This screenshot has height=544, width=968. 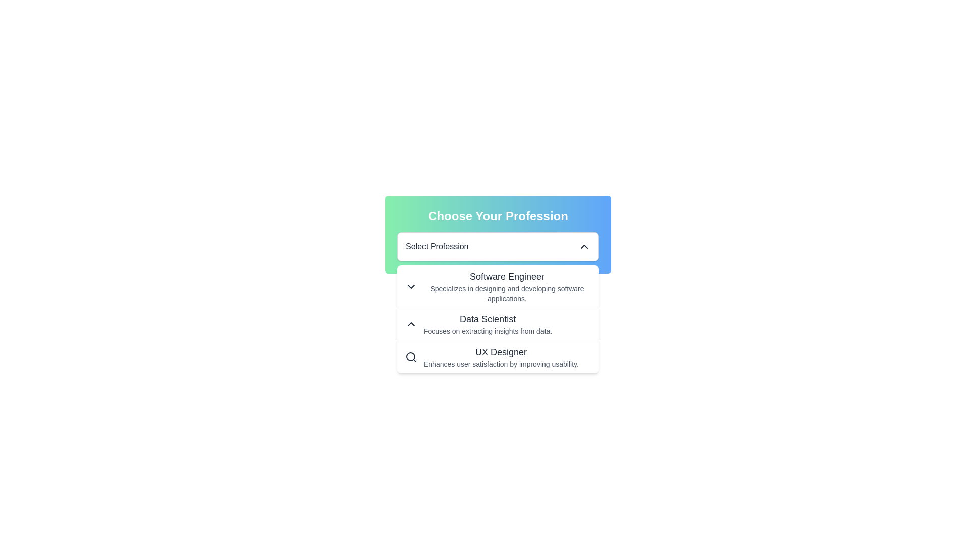 I want to click on the 'Select Profession' dropdown menu, so click(x=498, y=246).